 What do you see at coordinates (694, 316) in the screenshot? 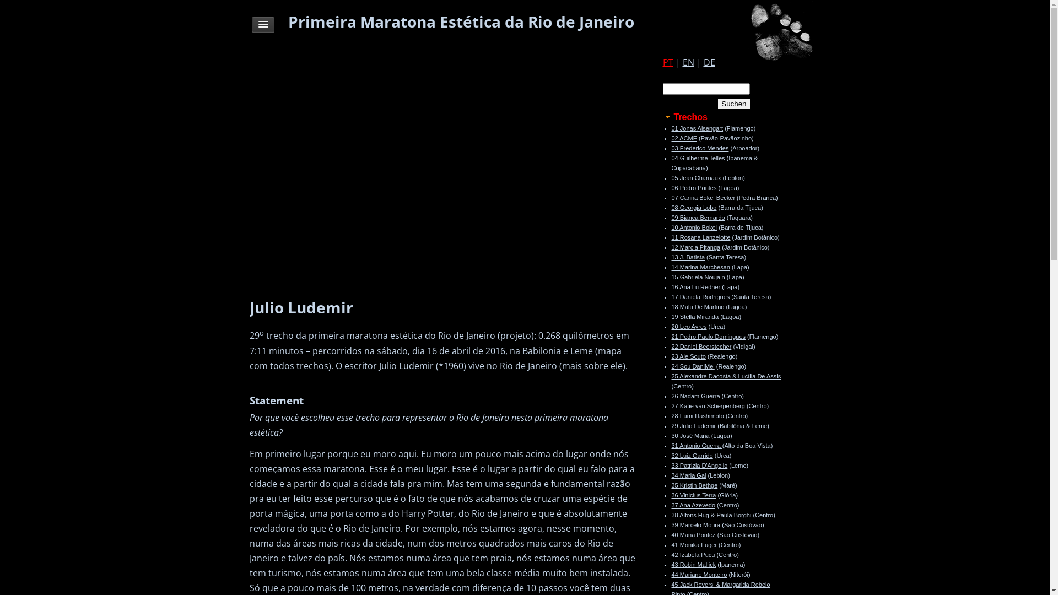
I see `'19 Stella Miranda'` at bounding box center [694, 316].